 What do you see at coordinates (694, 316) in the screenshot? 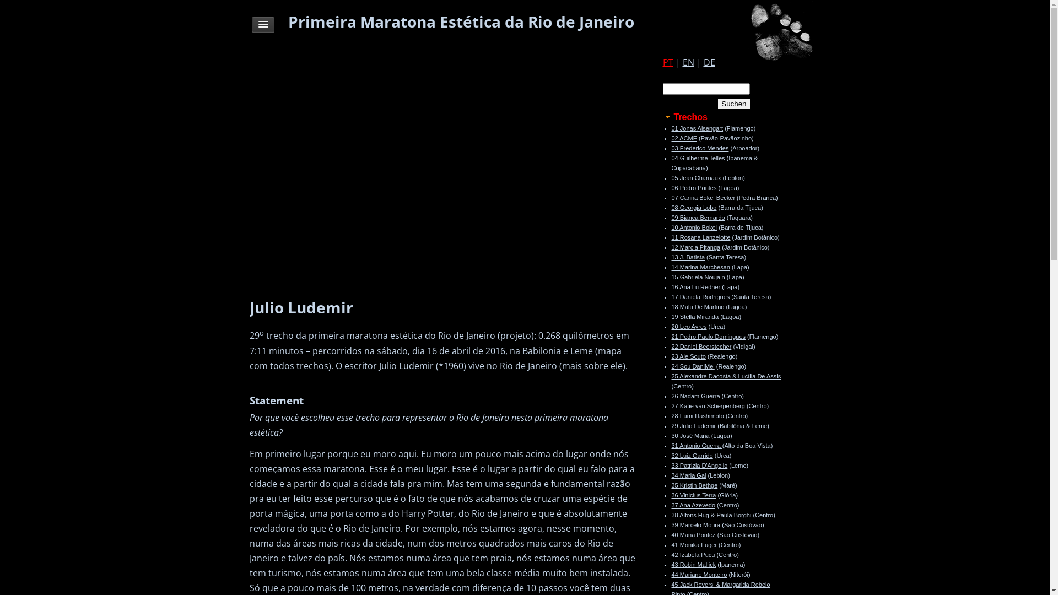
I see `'19 Stella Miranda'` at bounding box center [694, 316].